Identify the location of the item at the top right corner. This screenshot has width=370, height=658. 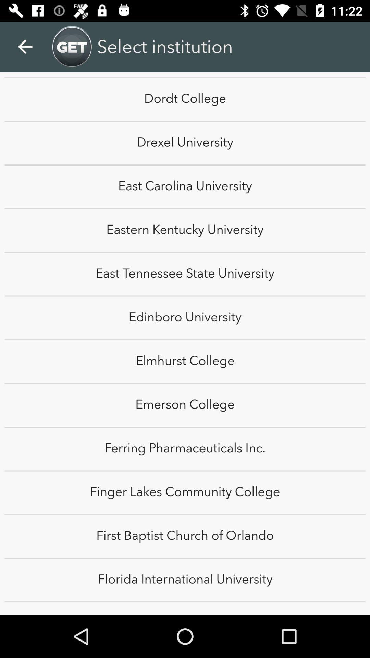
(352, 39).